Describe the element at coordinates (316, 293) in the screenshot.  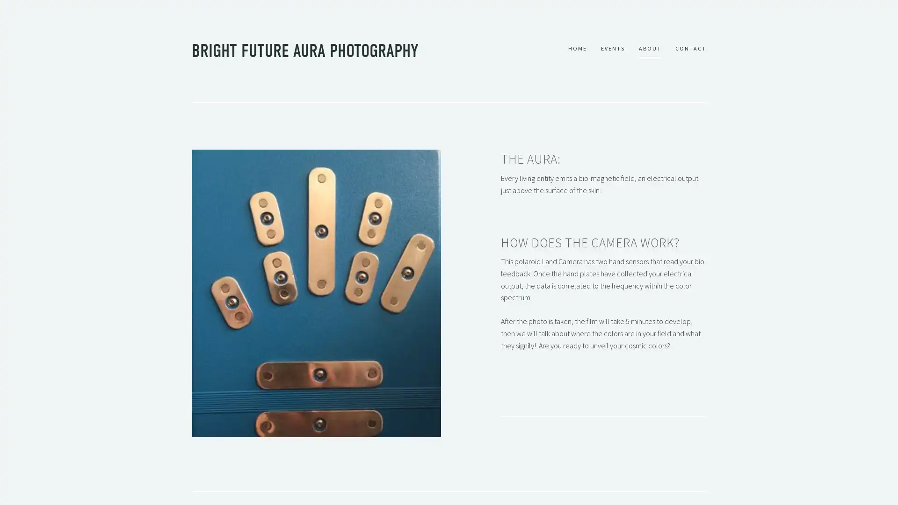
I see `View fullsize` at that location.